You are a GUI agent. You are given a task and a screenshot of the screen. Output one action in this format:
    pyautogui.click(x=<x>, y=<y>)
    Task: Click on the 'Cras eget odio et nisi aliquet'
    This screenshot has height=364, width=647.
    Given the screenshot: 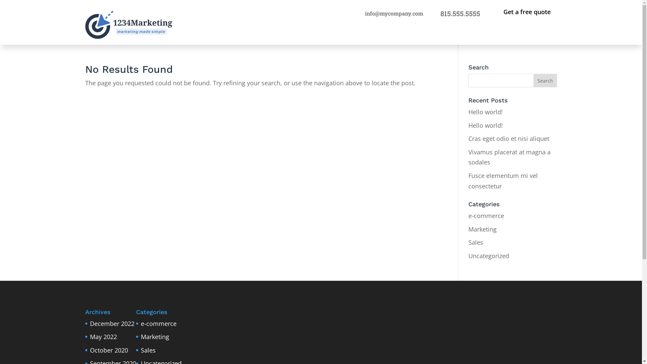 What is the action you would take?
    pyautogui.click(x=509, y=138)
    